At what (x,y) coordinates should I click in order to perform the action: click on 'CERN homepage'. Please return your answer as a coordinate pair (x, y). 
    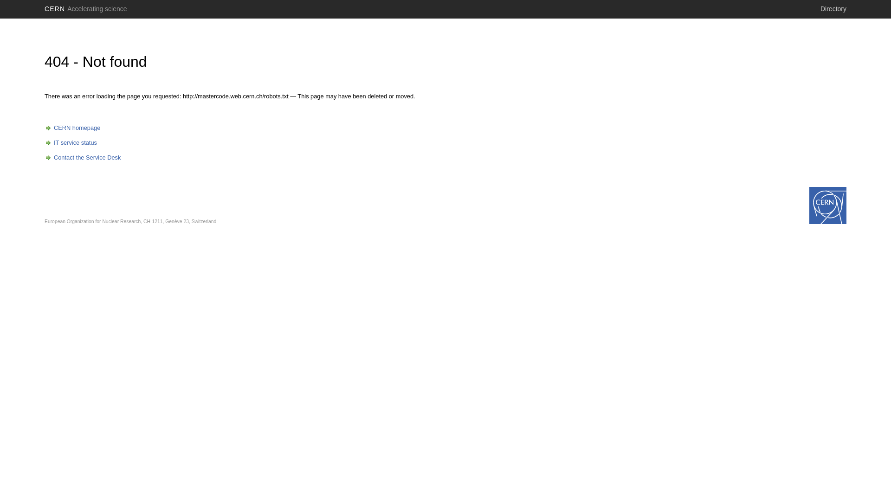
    Looking at the image, I should click on (72, 128).